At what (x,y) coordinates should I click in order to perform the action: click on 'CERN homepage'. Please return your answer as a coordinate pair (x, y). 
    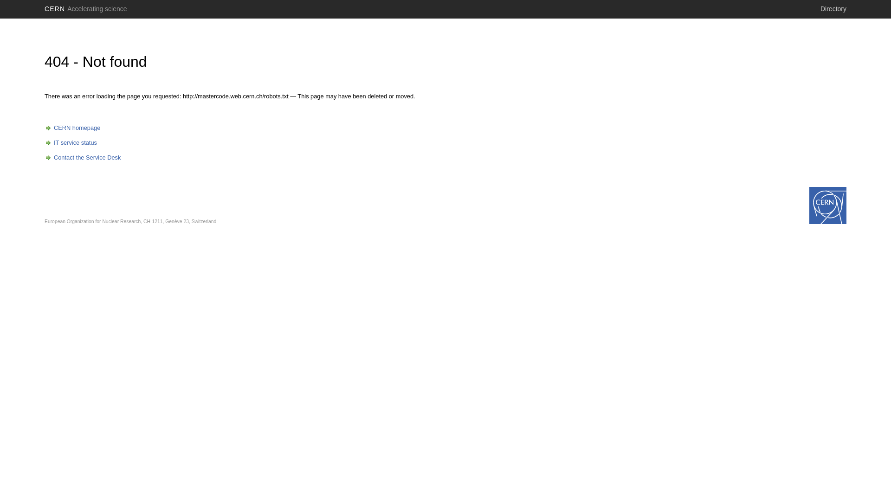
    Looking at the image, I should click on (72, 128).